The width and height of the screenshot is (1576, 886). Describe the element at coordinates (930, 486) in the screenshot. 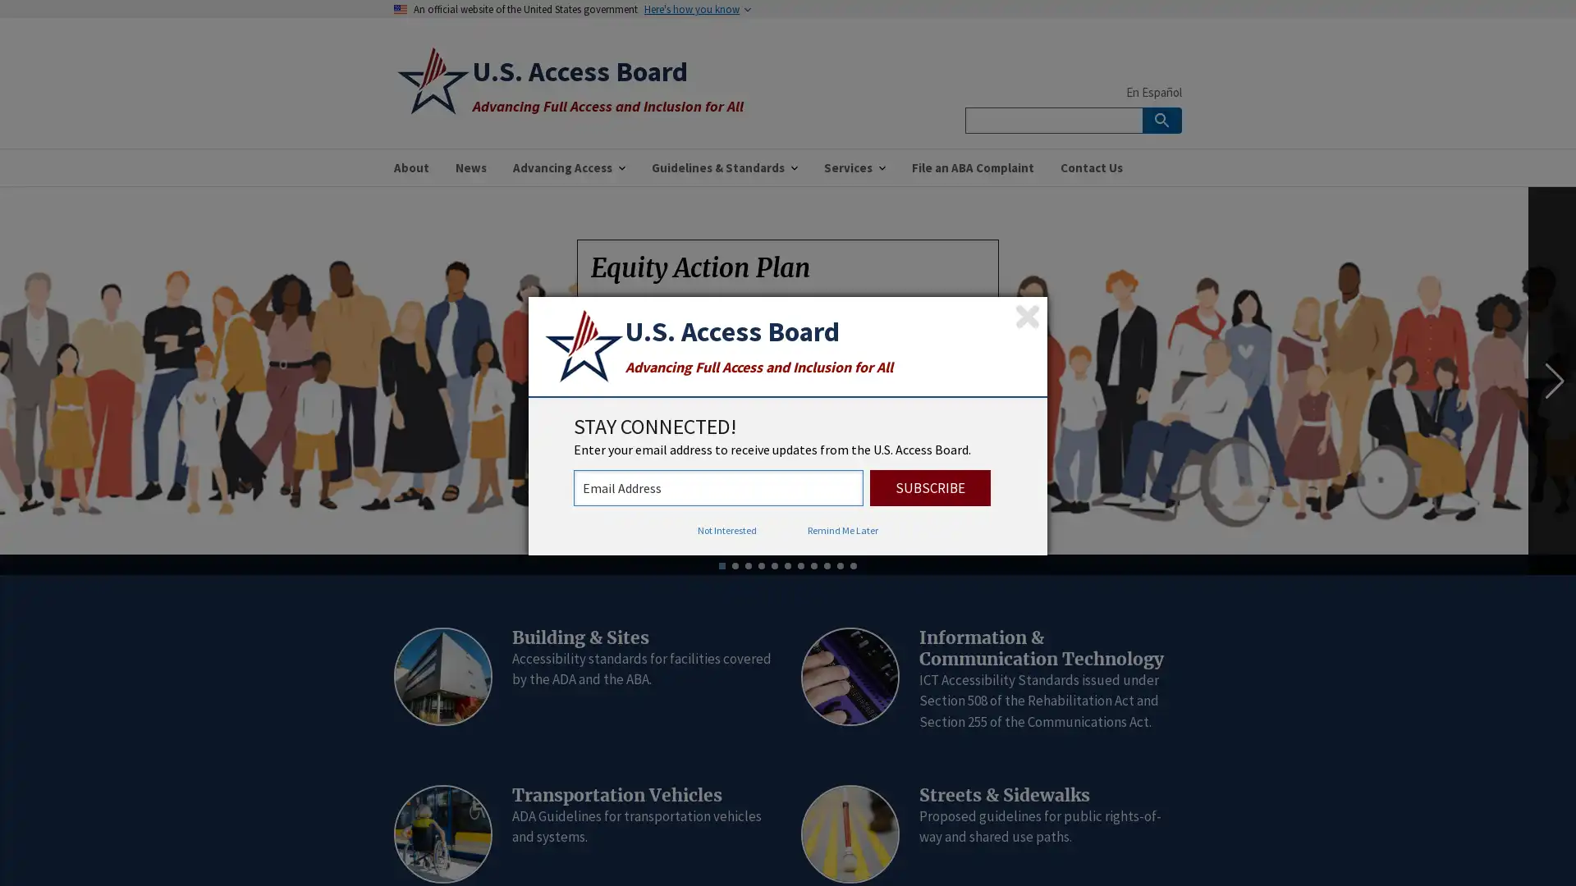

I see `Subscribe` at that location.